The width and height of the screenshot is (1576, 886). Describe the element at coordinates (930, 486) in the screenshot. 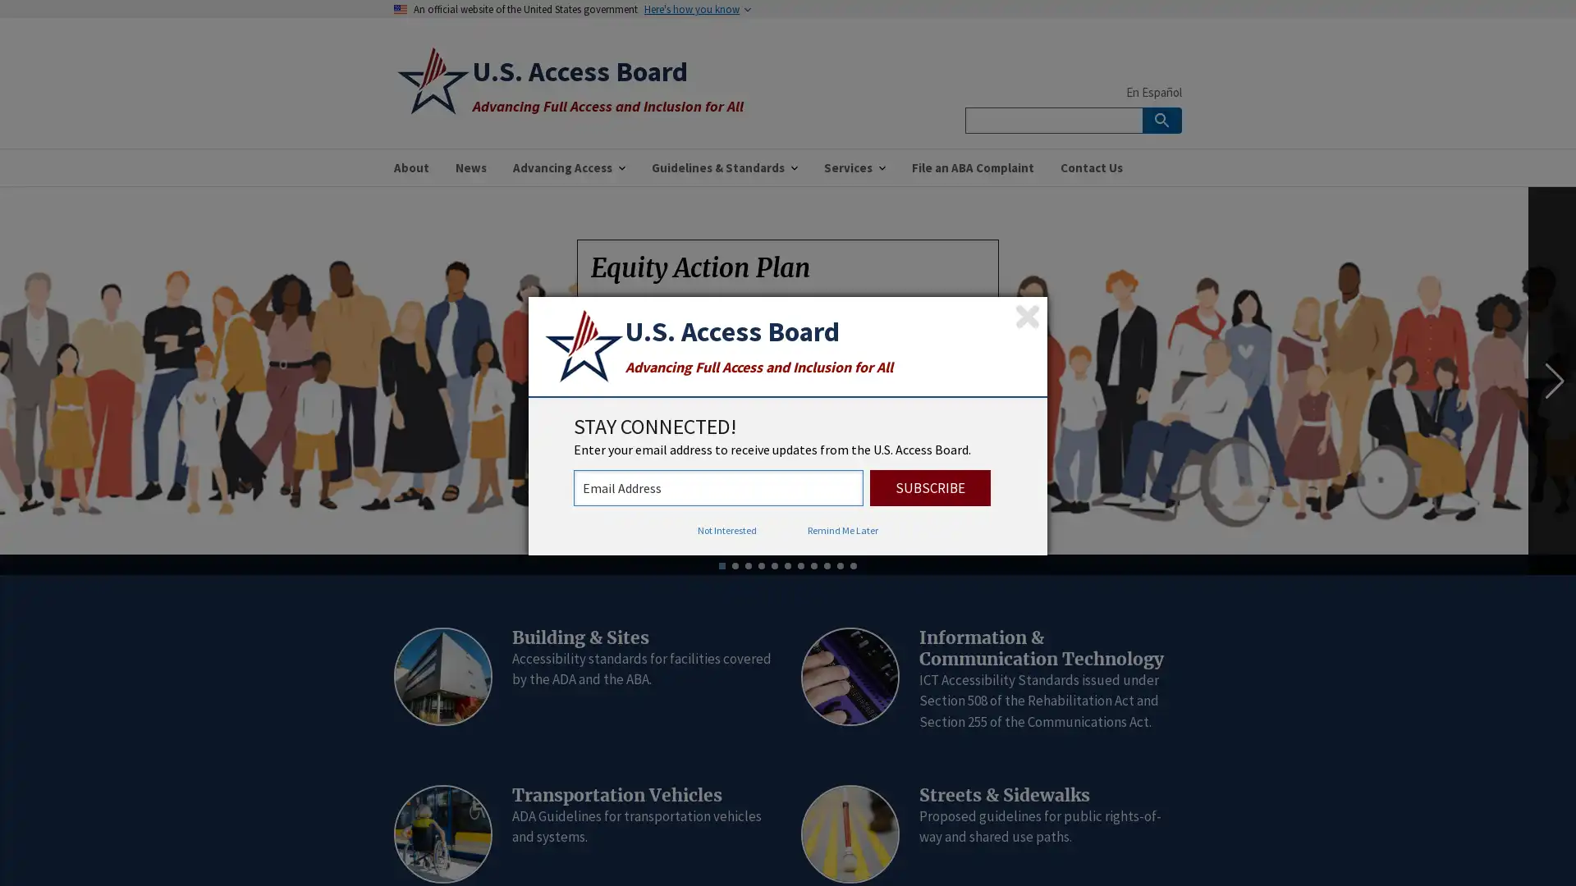

I see `Subscribe` at that location.